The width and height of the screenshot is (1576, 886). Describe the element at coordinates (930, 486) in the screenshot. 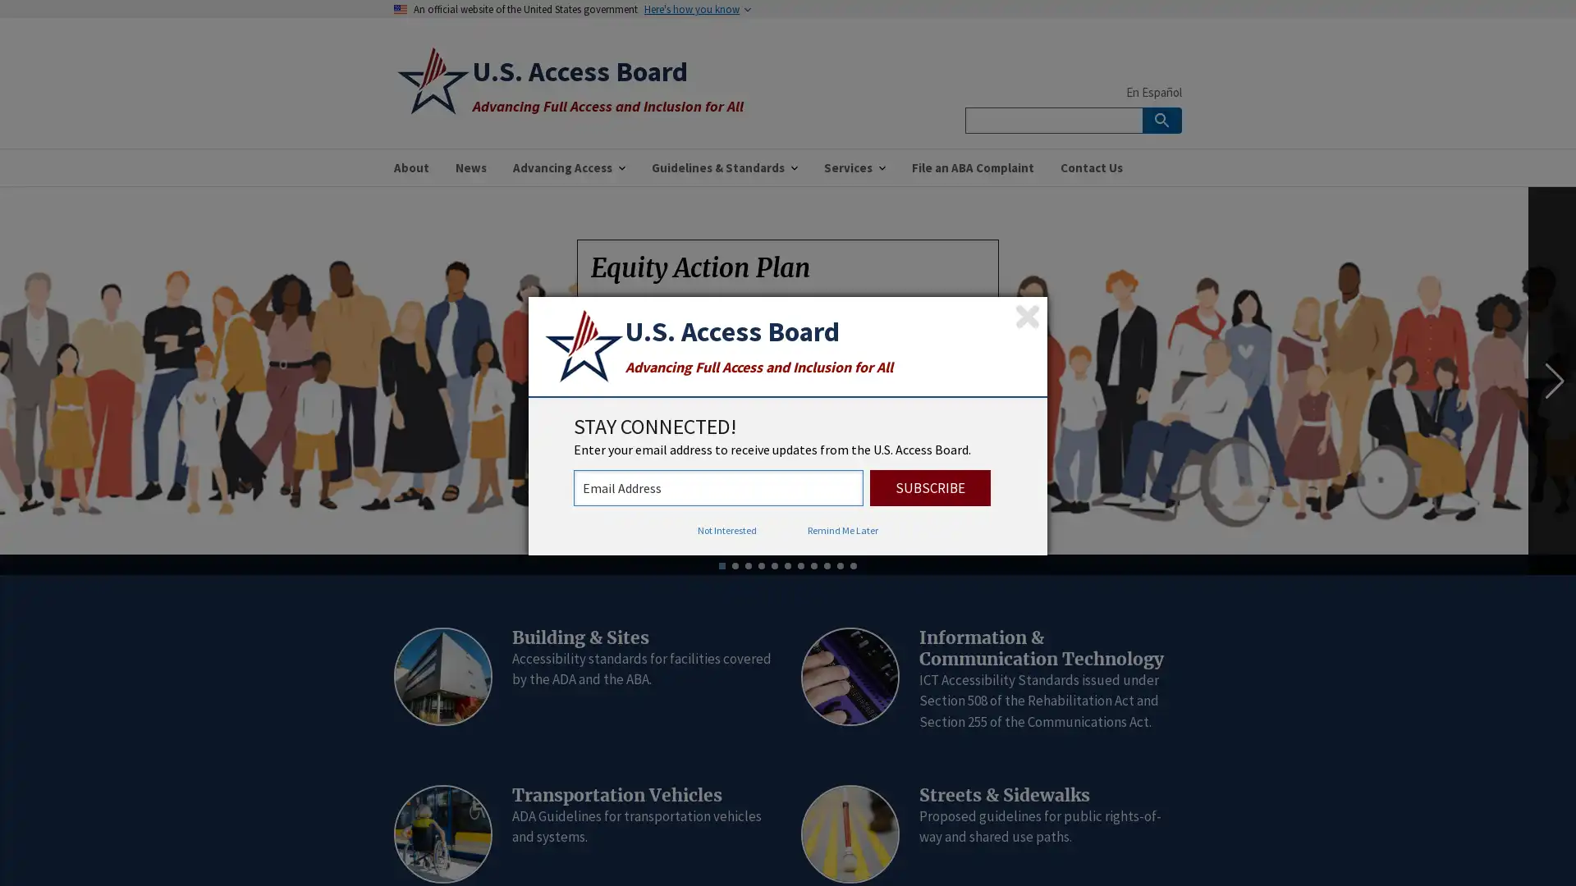

I see `Subscribe` at that location.